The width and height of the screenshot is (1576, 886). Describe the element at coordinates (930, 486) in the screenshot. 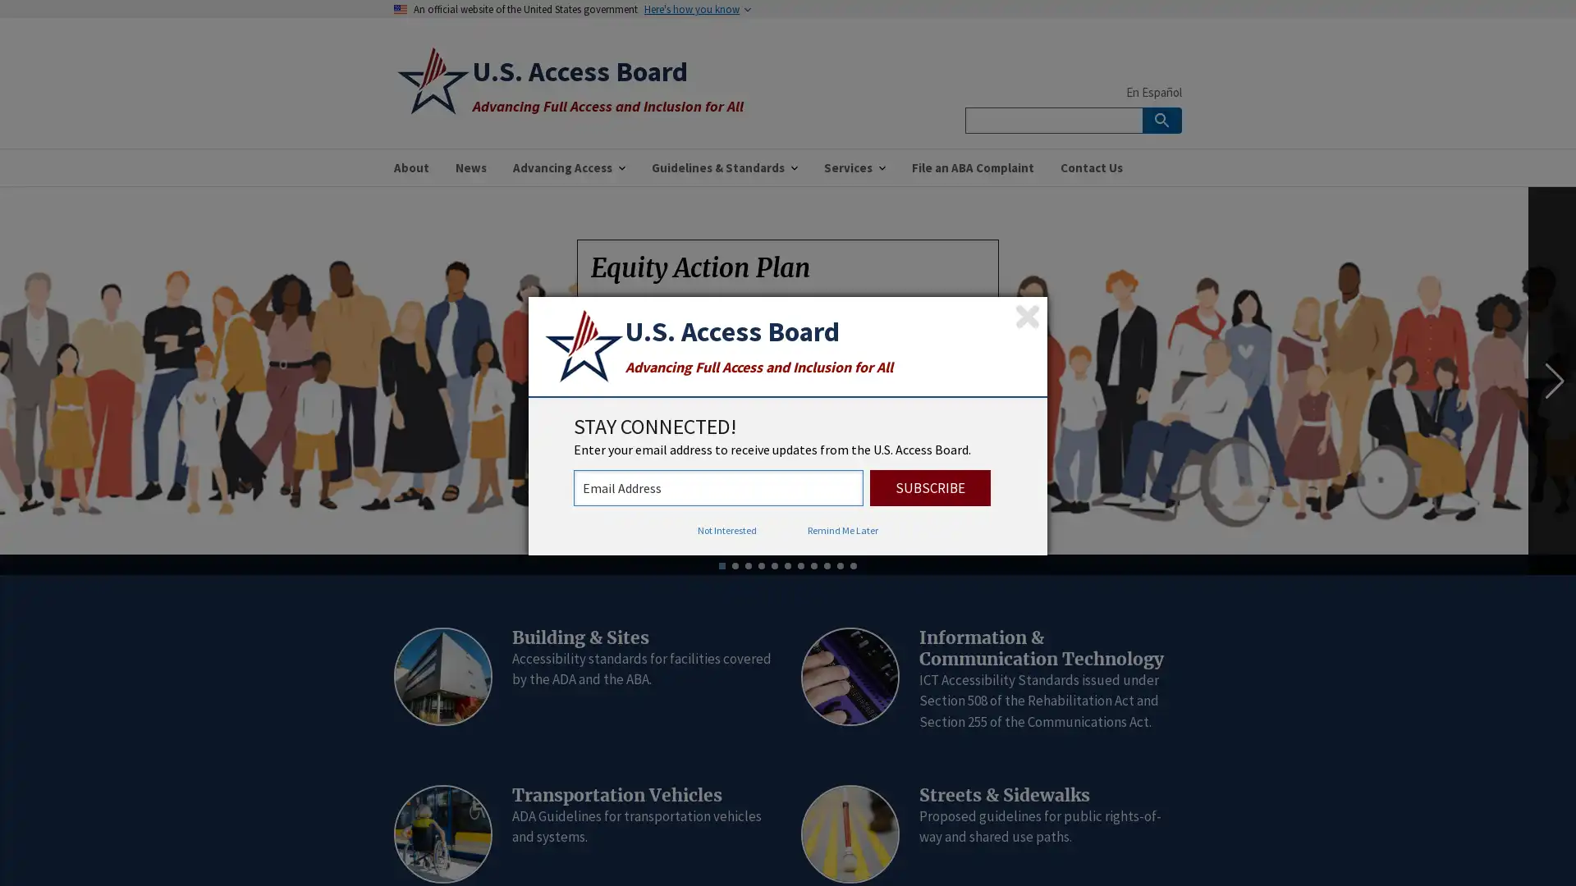

I see `Subscribe` at that location.